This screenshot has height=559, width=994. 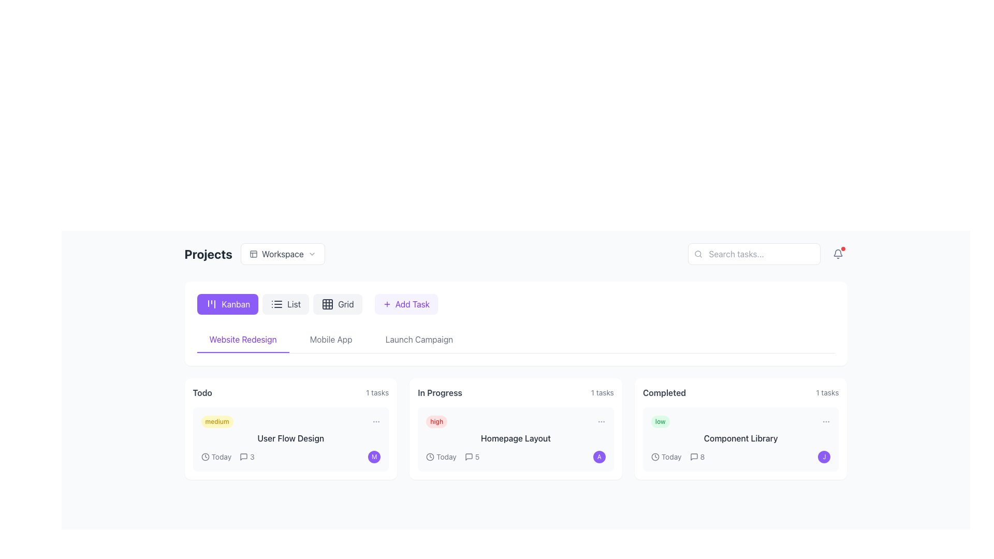 What do you see at coordinates (246, 457) in the screenshot?
I see `the inline text displaying the number of comments associated with the 'User Flow Design' task in the 'Todo' column` at bounding box center [246, 457].